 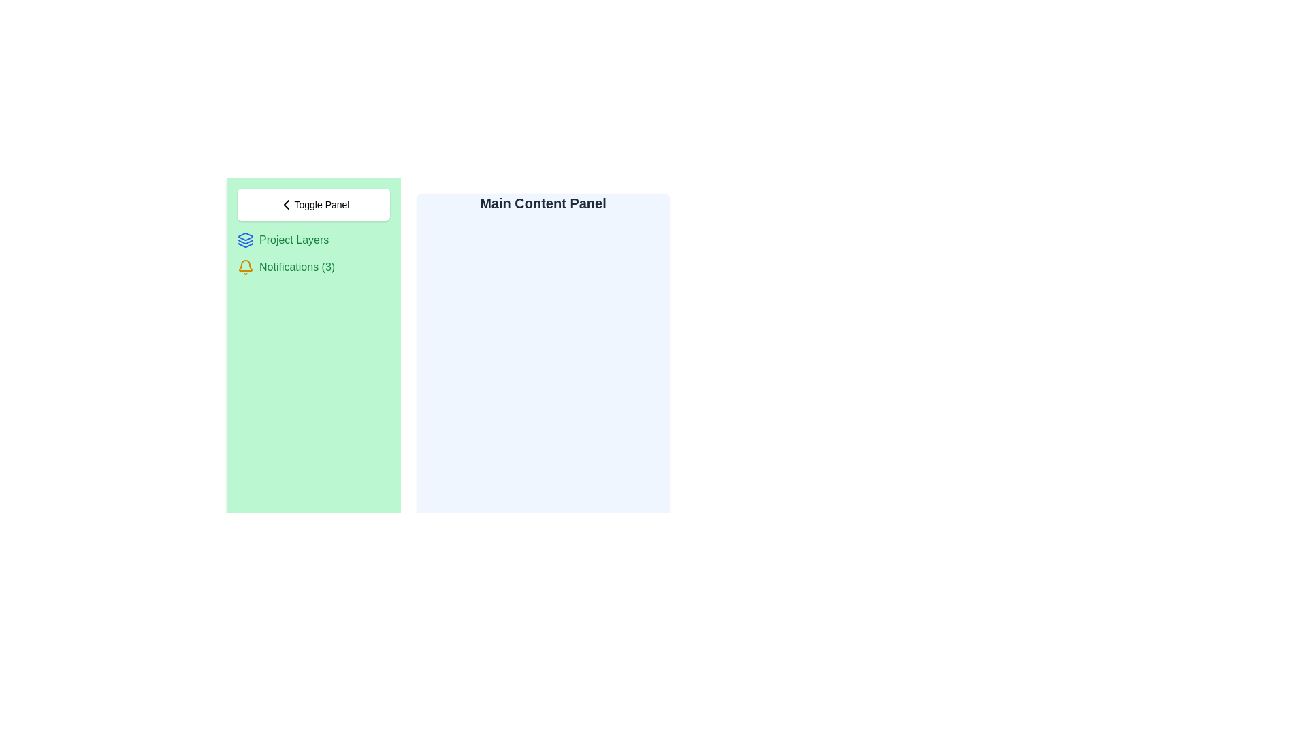 What do you see at coordinates (312, 267) in the screenshot?
I see `the notification indicator located below the 'Project Layers' text and icon` at bounding box center [312, 267].